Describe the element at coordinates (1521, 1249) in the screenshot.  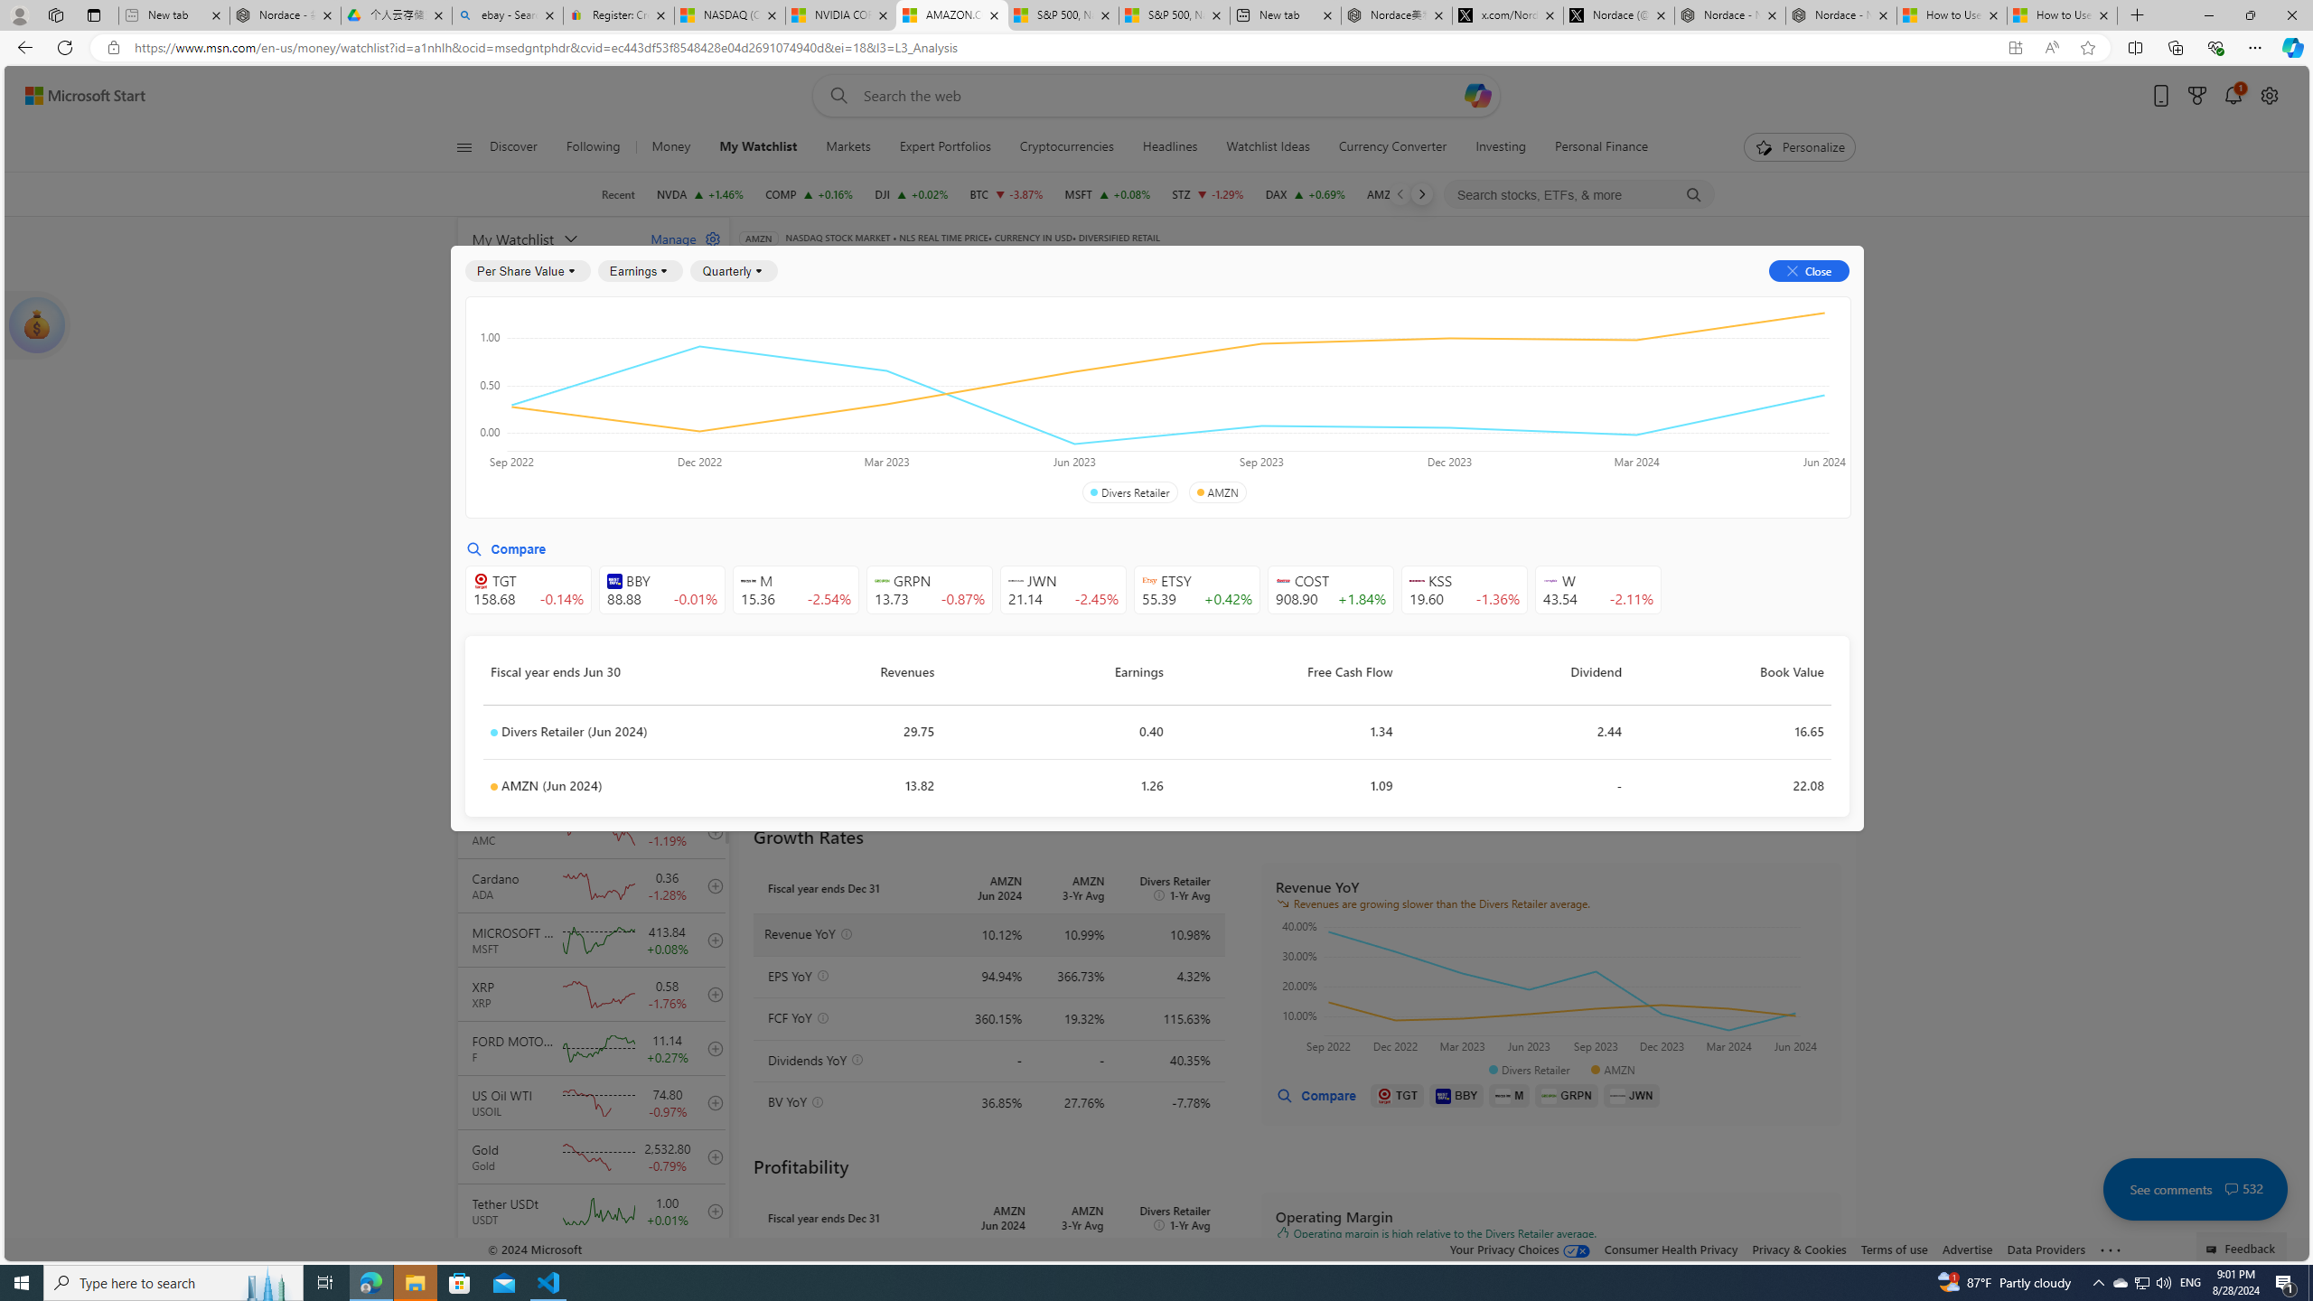
I see `'Your Privacy Choices'` at that location.